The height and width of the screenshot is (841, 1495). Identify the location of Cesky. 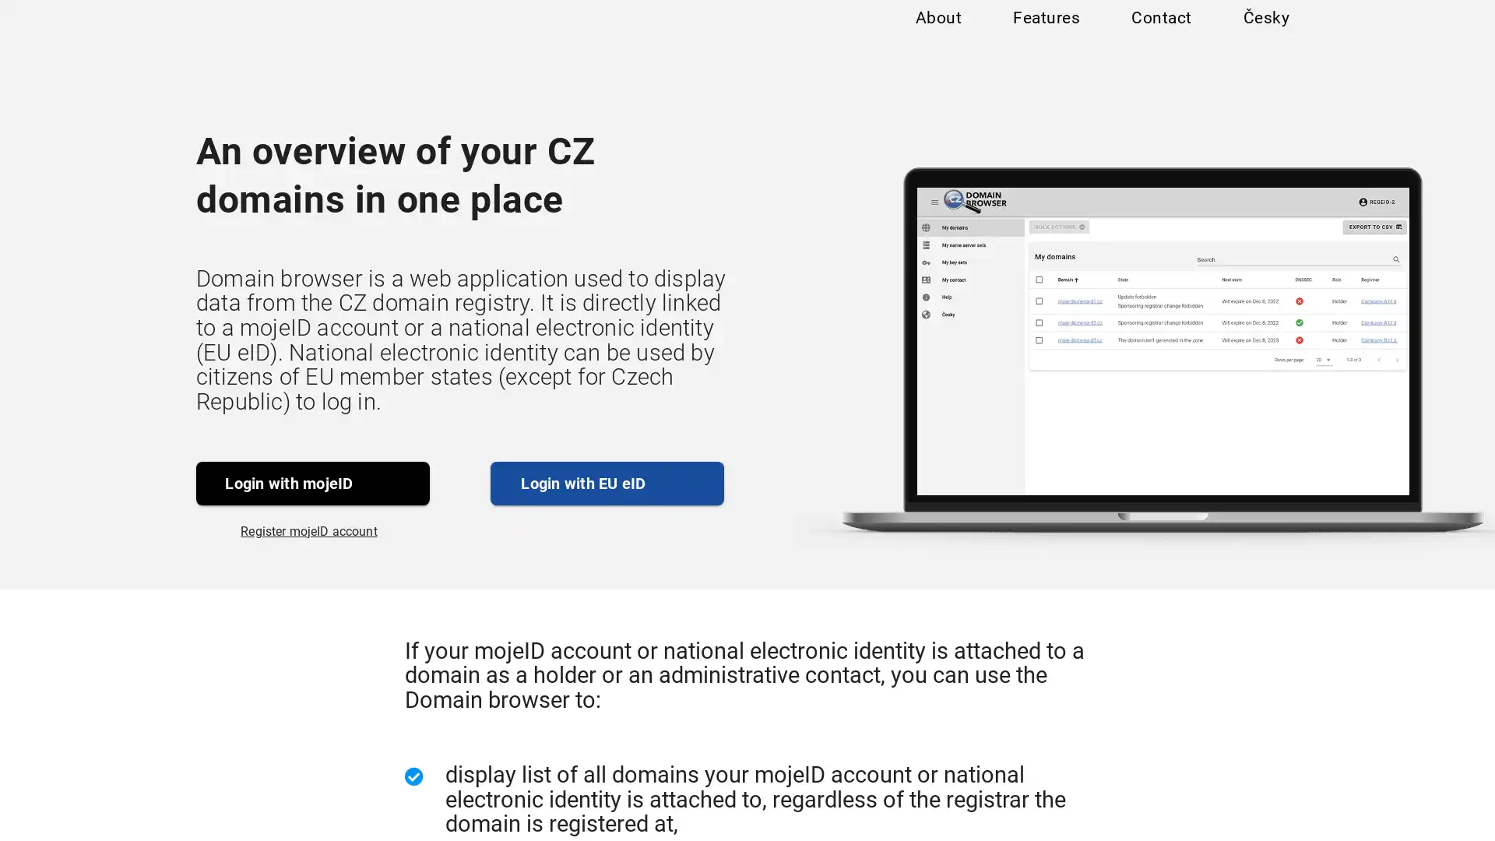
(1265, 33).